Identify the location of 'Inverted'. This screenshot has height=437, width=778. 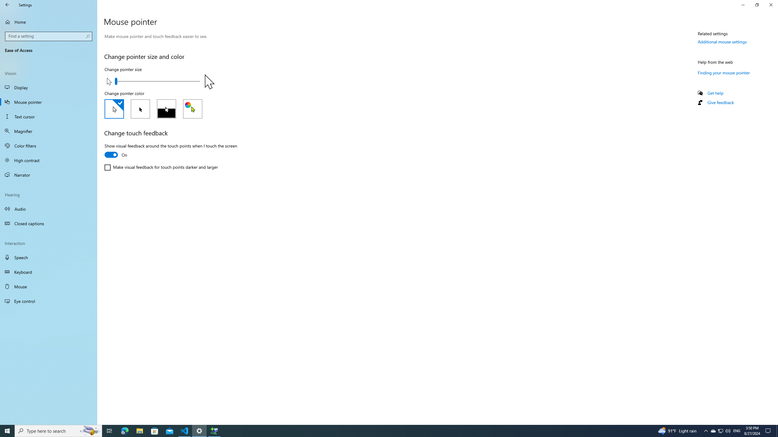
(166, 109).